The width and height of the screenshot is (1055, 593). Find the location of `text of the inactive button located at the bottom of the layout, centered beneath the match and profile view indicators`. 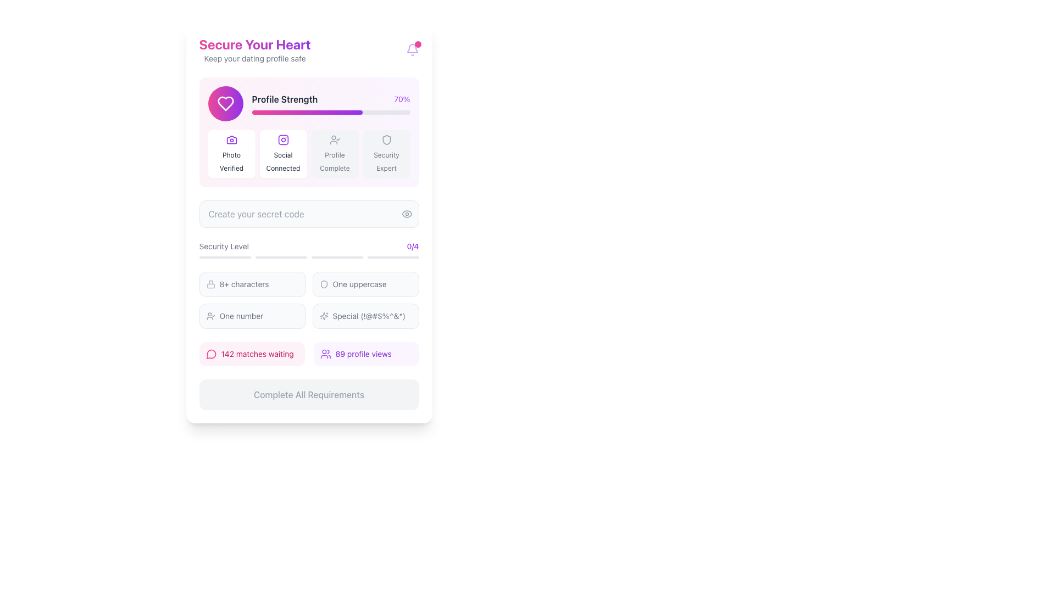

text of the inactive button located at the bottom of the layout, centered beneath the match and profile view indicators is located at coordinates (308, 394).